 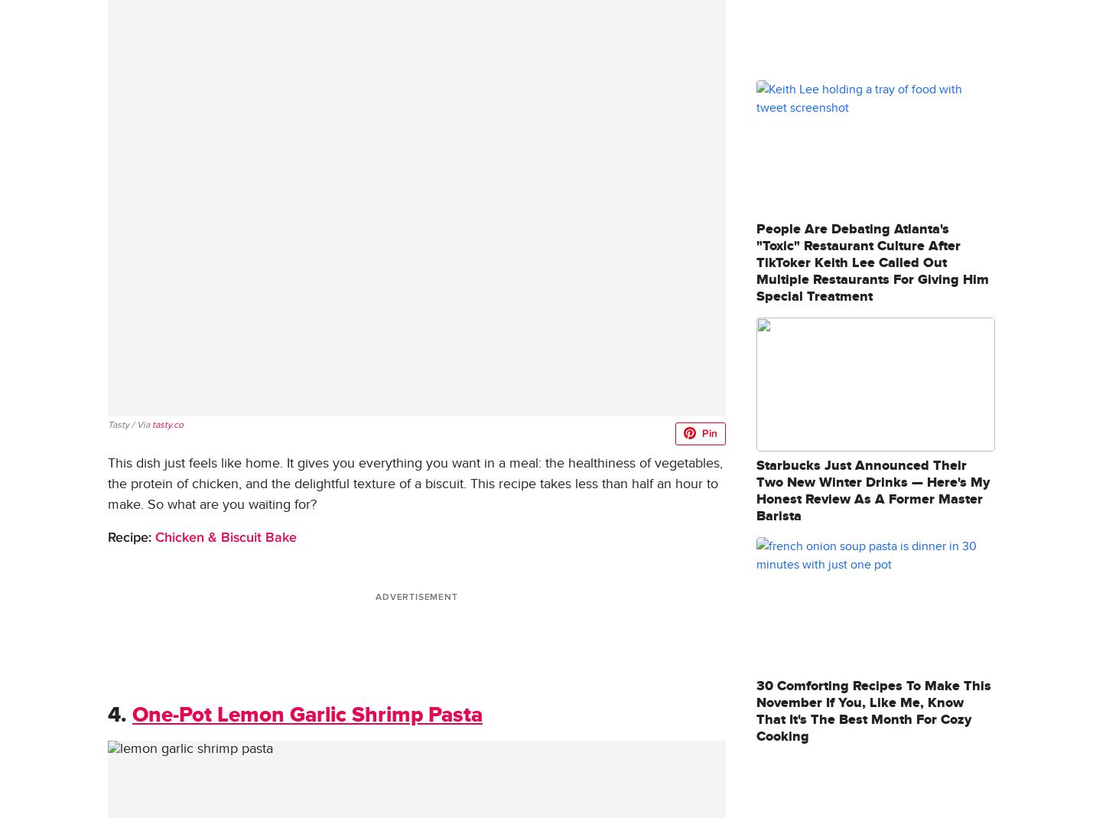 What do you see at coordinates (415, 483) in the screenshot?
I see `'This dish just feels like home. It gives you everything you want in a meal: the healthiness of vegetables, the protein of chicken, and the delightful texture of a biscuit. This recipe takes less than half an hour to make. So what are you waiting for?'` at bounding box center [415, 483].